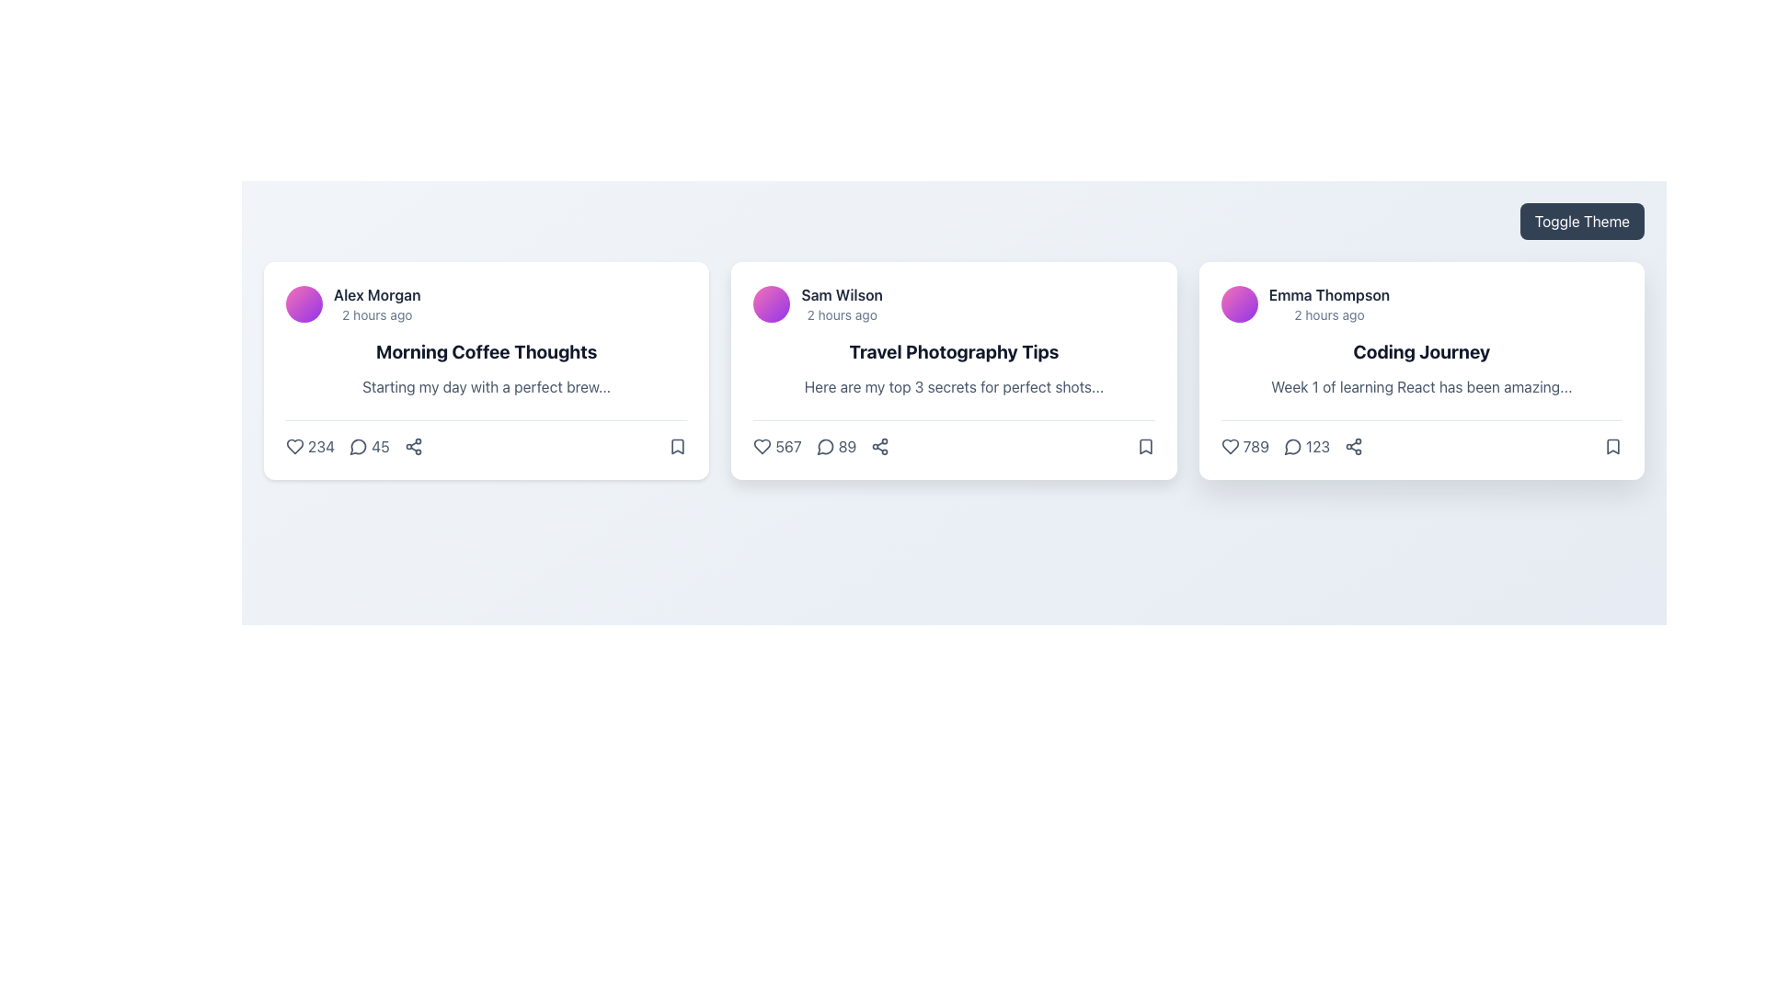 This screenshot has width=1766, height=993. Describe the element at coordinates (359, 447) in the screenshot. I see `the Comment or Message icon located to the right of the heart icon and number '234', and to the left of the number '45'` at that location.